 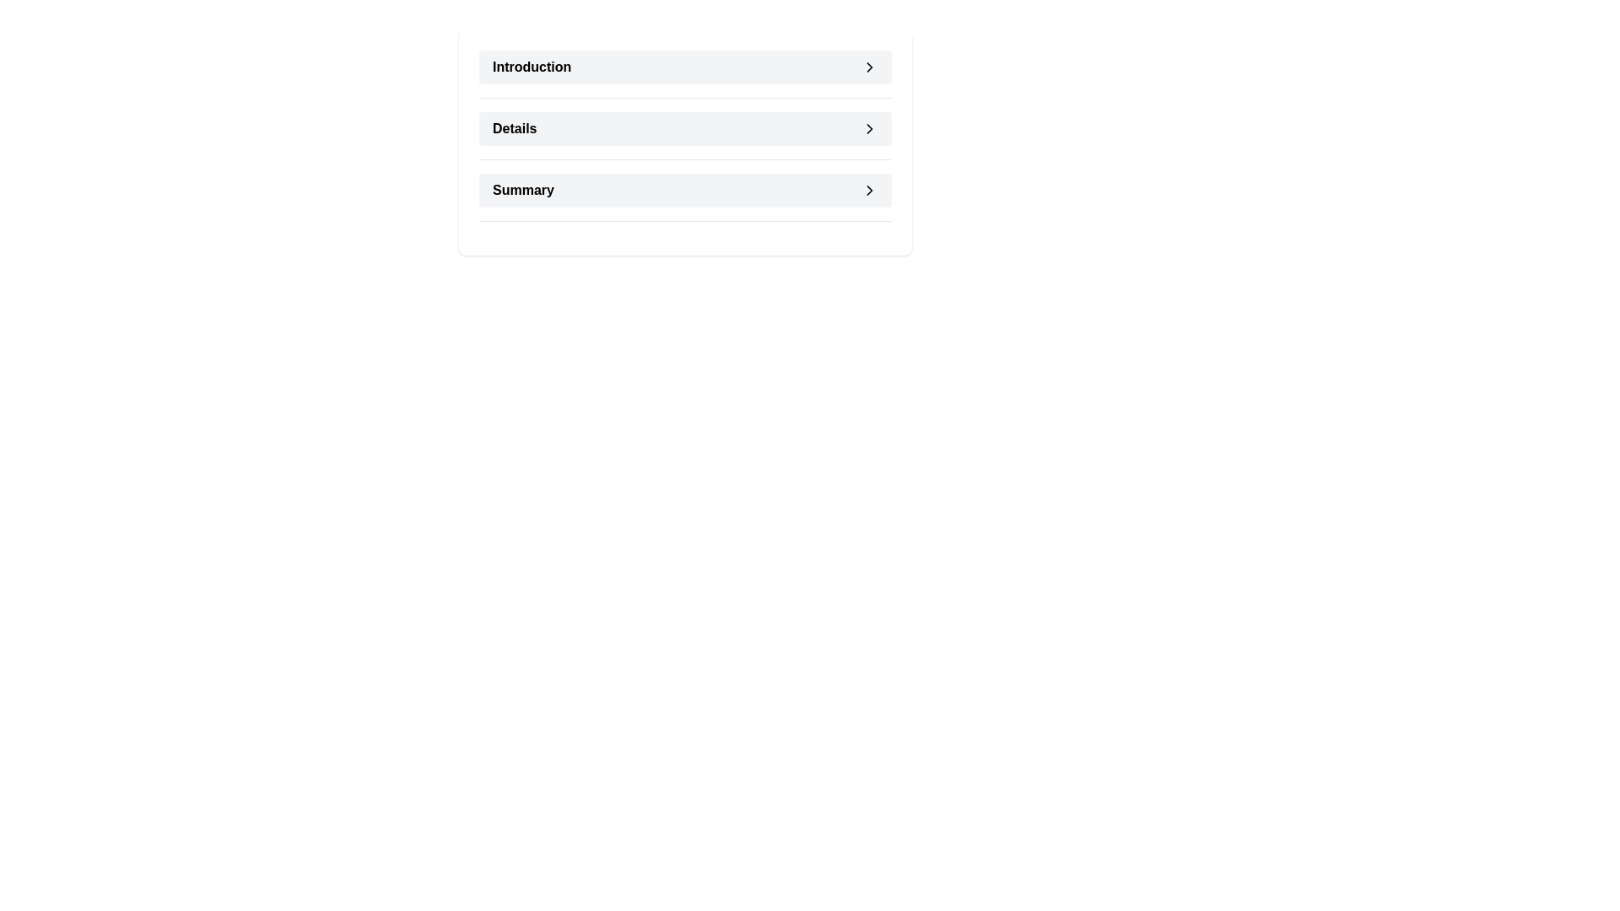 I want to click on the chevron-shaped arrow button located to the right of the text 'Introduction', so click(x=870, y=67).